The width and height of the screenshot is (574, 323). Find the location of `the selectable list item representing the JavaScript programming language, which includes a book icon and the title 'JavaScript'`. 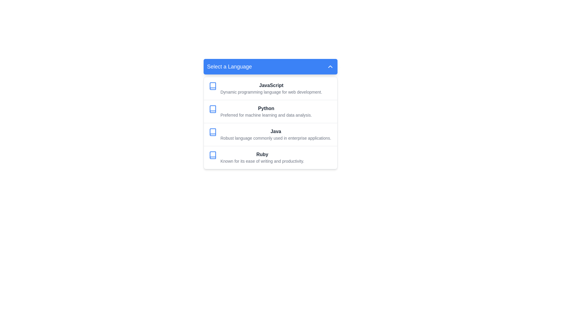

the selectable list item representing the JavaScript programming language, which includes a book icon and the title 'JavaScript' is located at coordinates (270, 89).